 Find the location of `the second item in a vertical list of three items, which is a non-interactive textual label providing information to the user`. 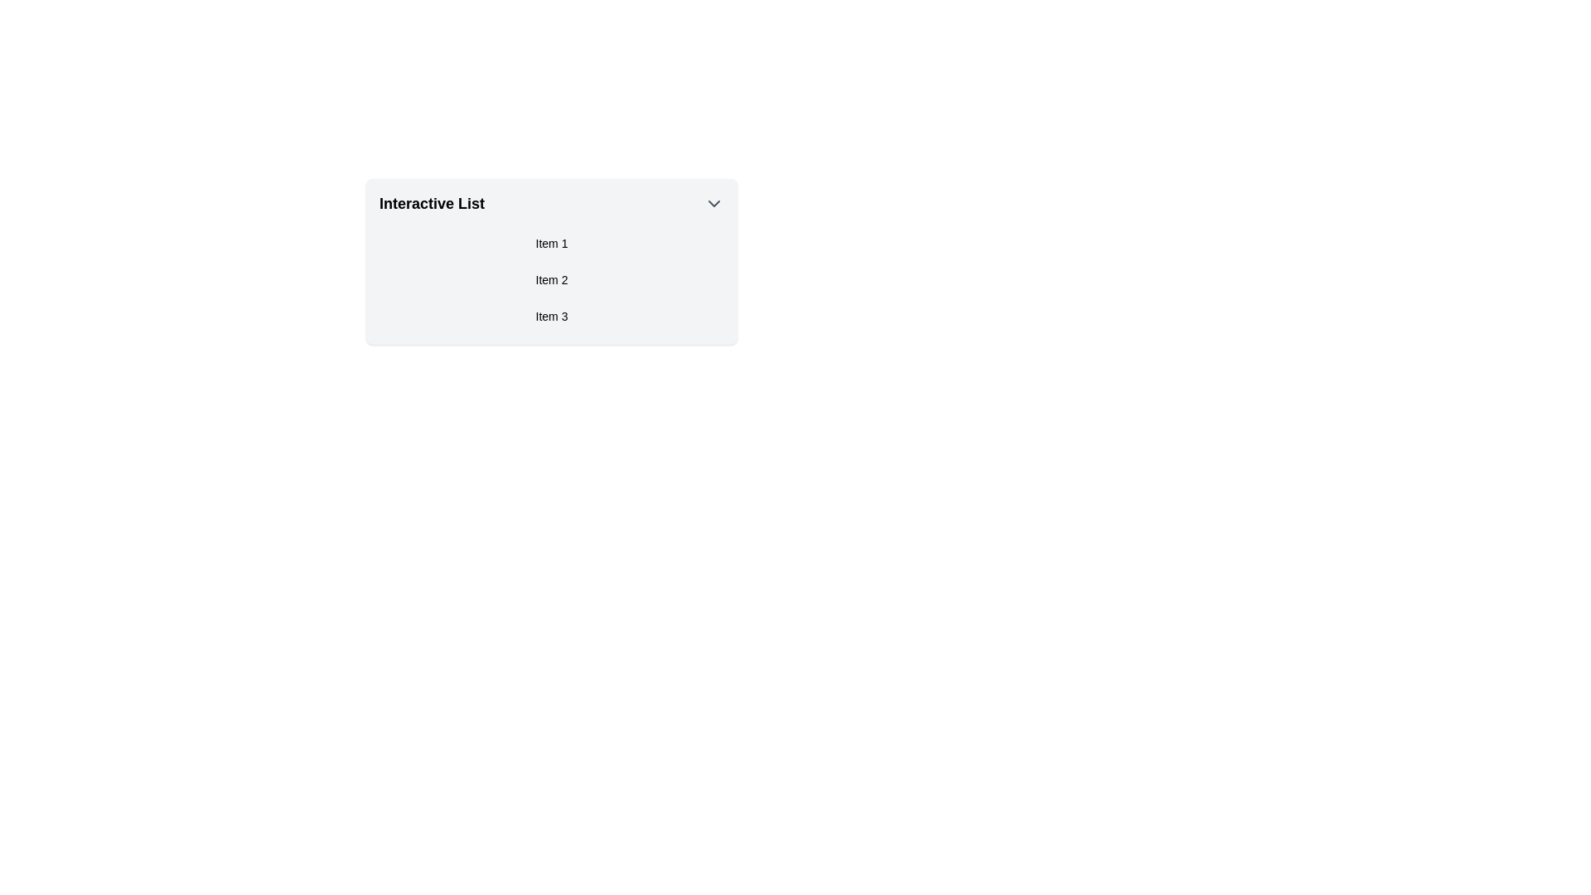

the second item in a vertical list of three items, which is a non-interactive textual label providing information to the user is located at coordinates (552, 279).